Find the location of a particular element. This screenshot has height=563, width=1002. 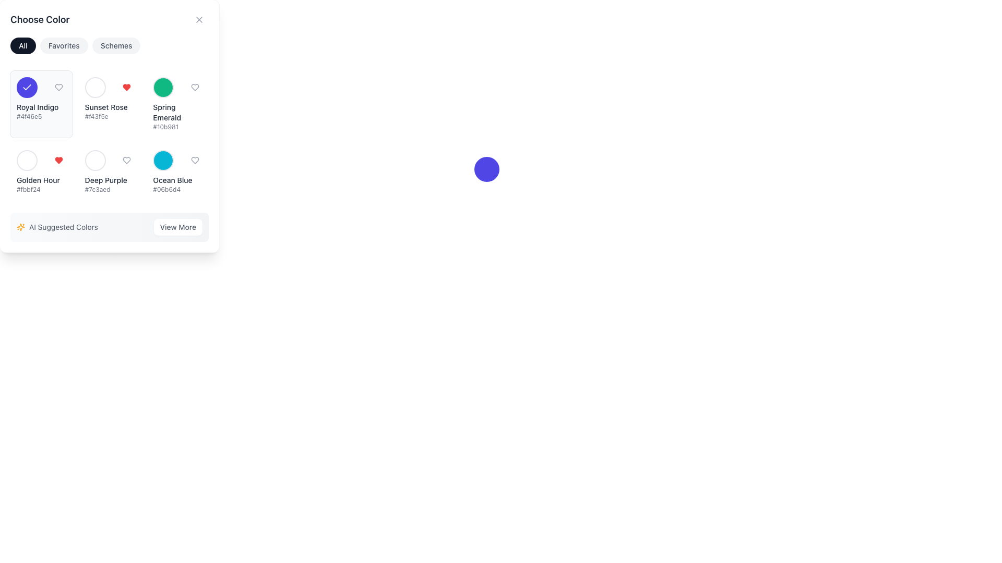

the circular button with a purple background and no text is located at coordinates (486, 168).